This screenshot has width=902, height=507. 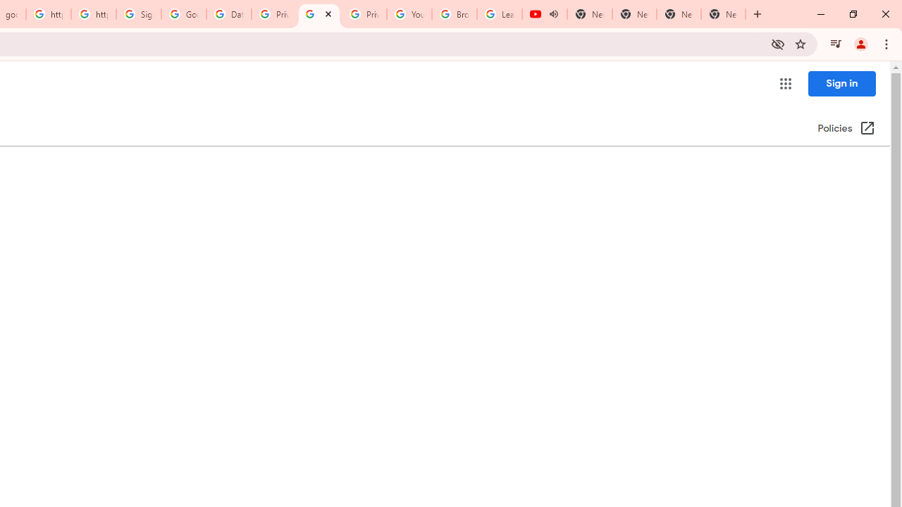 I want to click on 'Mute tab', so click(x=552, y=14).